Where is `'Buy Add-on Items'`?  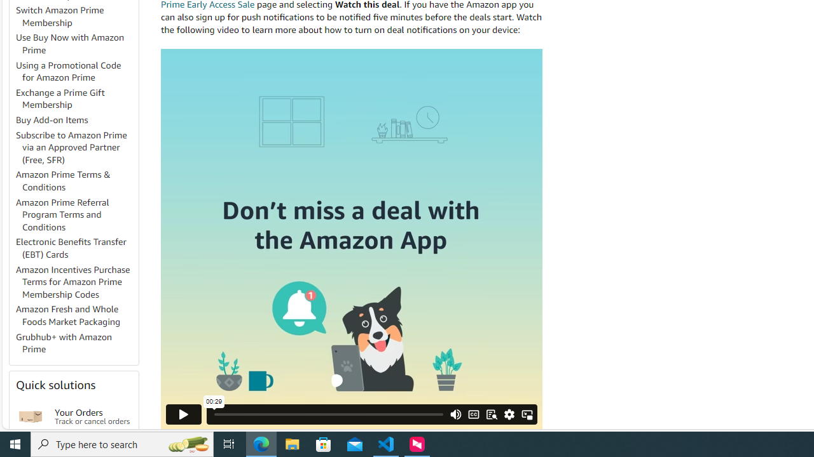 'Buy Add-on Items' is located at coordinates (76, 121).